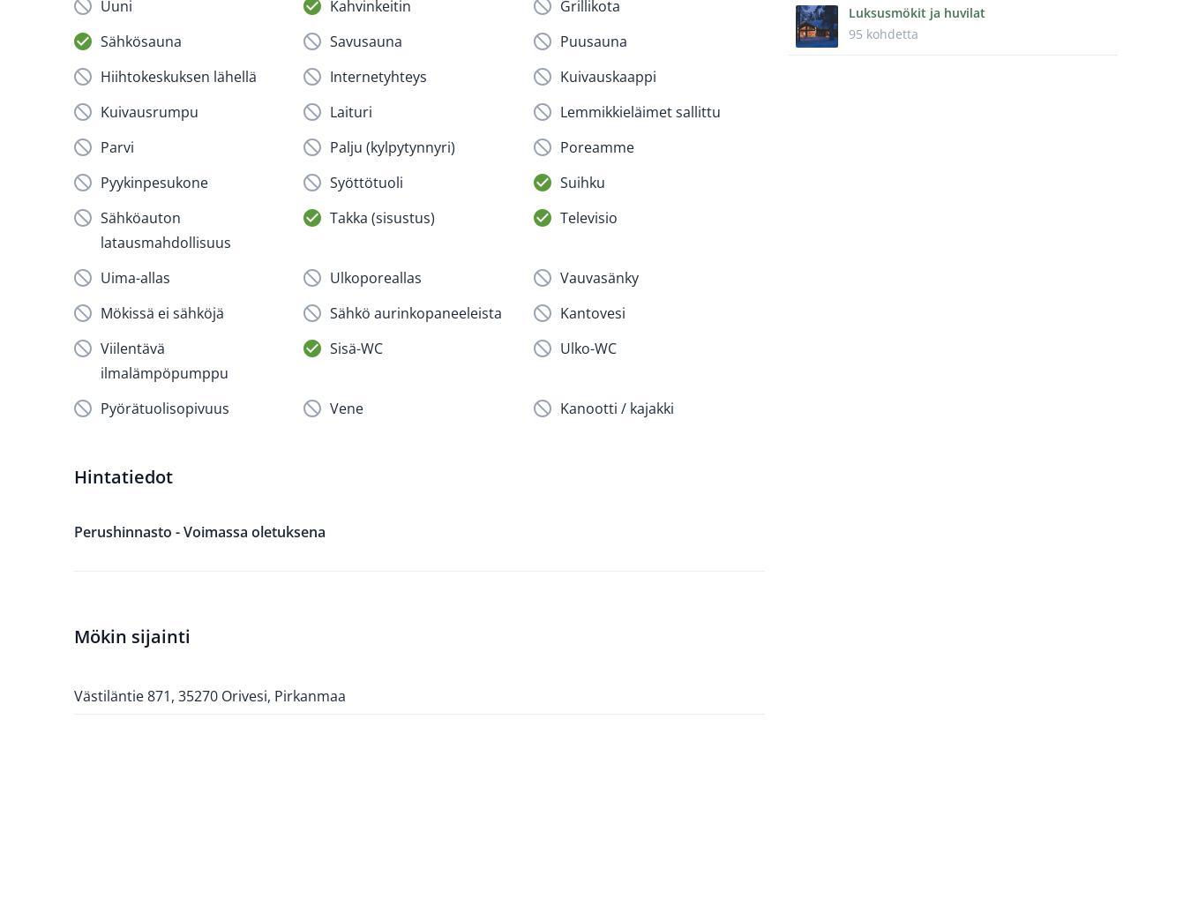 The height and width of the screenshot is (899, 1191). I want to click on 'Puusauna', so click(593, 39).